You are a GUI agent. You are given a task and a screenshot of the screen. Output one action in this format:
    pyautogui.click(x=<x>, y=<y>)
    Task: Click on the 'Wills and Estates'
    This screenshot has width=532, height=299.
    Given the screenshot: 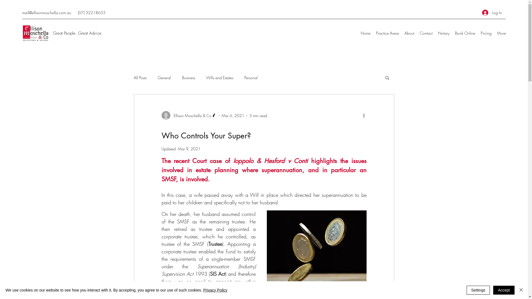 What is the action you would take?
    pyautogui.click(x=219, y=78)
    